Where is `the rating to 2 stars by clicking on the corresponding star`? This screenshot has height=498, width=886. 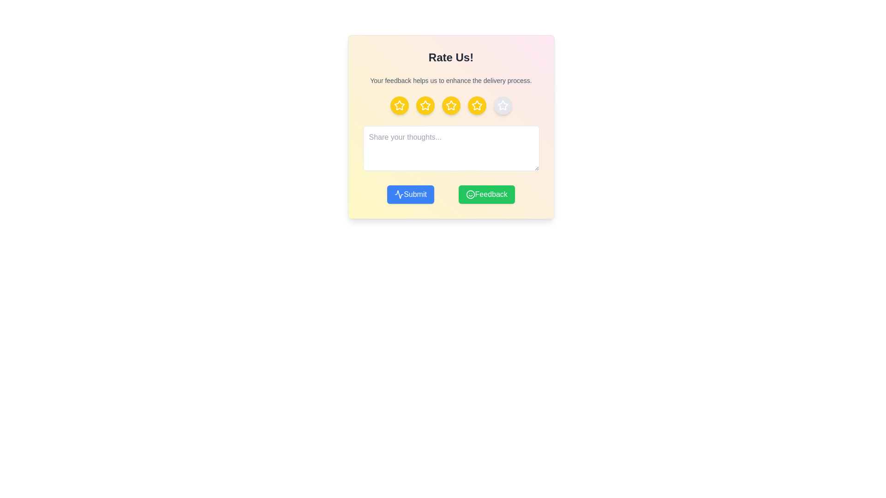 the rating to 2 stars by clicking on the corresponding star is located at coordinates (425, 105).